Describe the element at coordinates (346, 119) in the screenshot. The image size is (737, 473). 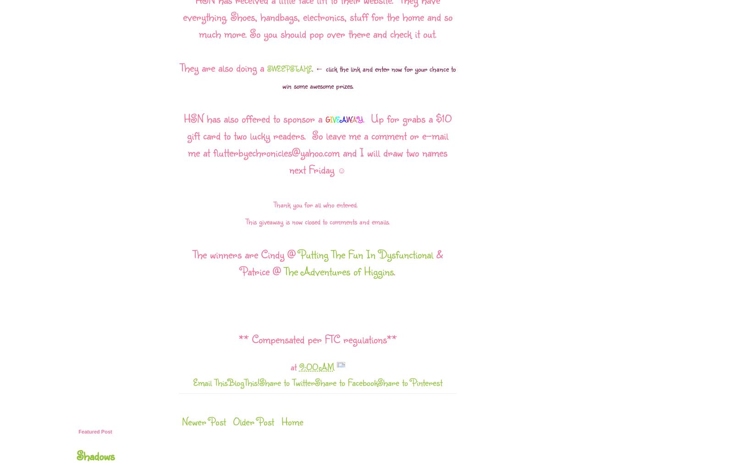
I see `'W'` at that location.